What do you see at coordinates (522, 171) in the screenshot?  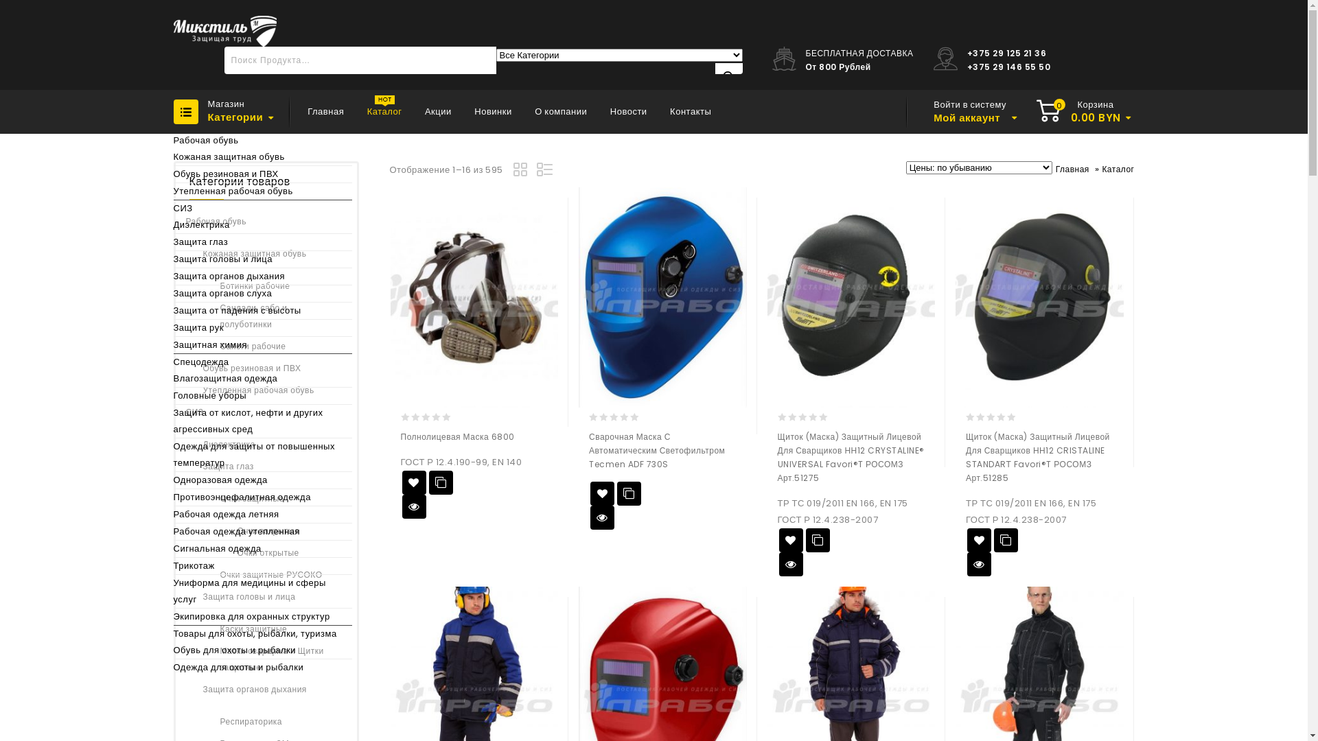 I see `'Grid view'` at bounding box center [522, 171].